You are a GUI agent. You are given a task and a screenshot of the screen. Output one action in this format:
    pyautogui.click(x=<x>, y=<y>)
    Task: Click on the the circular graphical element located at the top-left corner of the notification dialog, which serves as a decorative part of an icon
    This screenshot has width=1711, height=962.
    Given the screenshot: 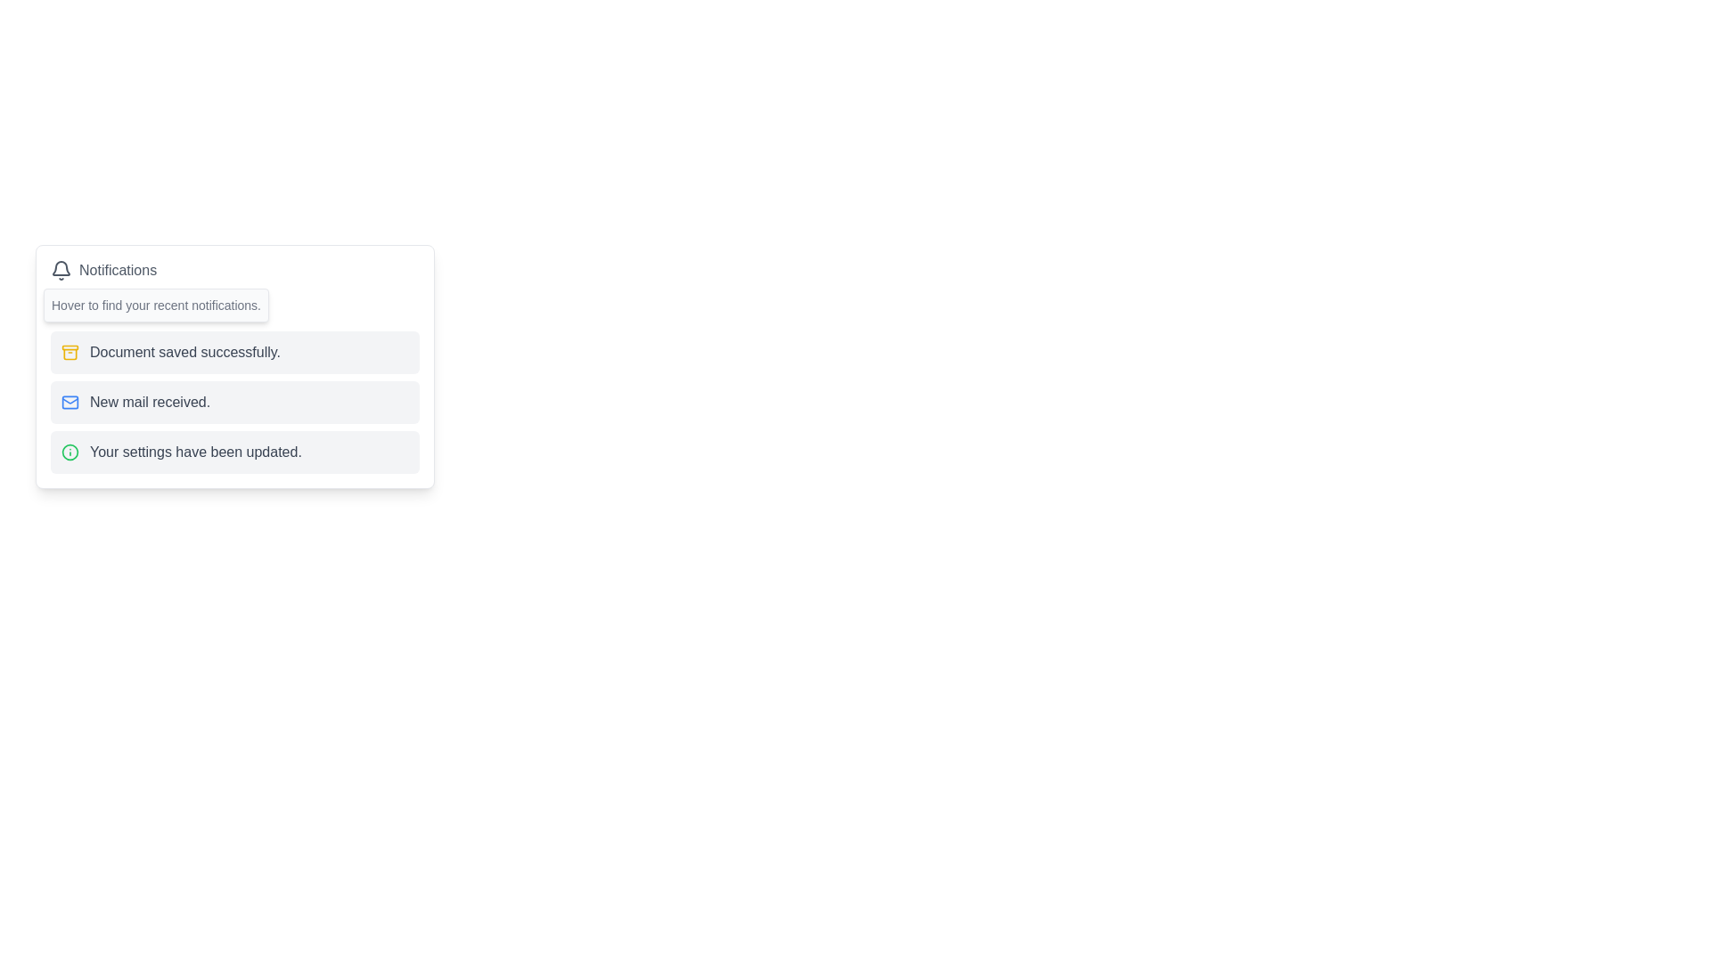 What is the action you would take?
    pyautogui.click(x=70, y=450)
    